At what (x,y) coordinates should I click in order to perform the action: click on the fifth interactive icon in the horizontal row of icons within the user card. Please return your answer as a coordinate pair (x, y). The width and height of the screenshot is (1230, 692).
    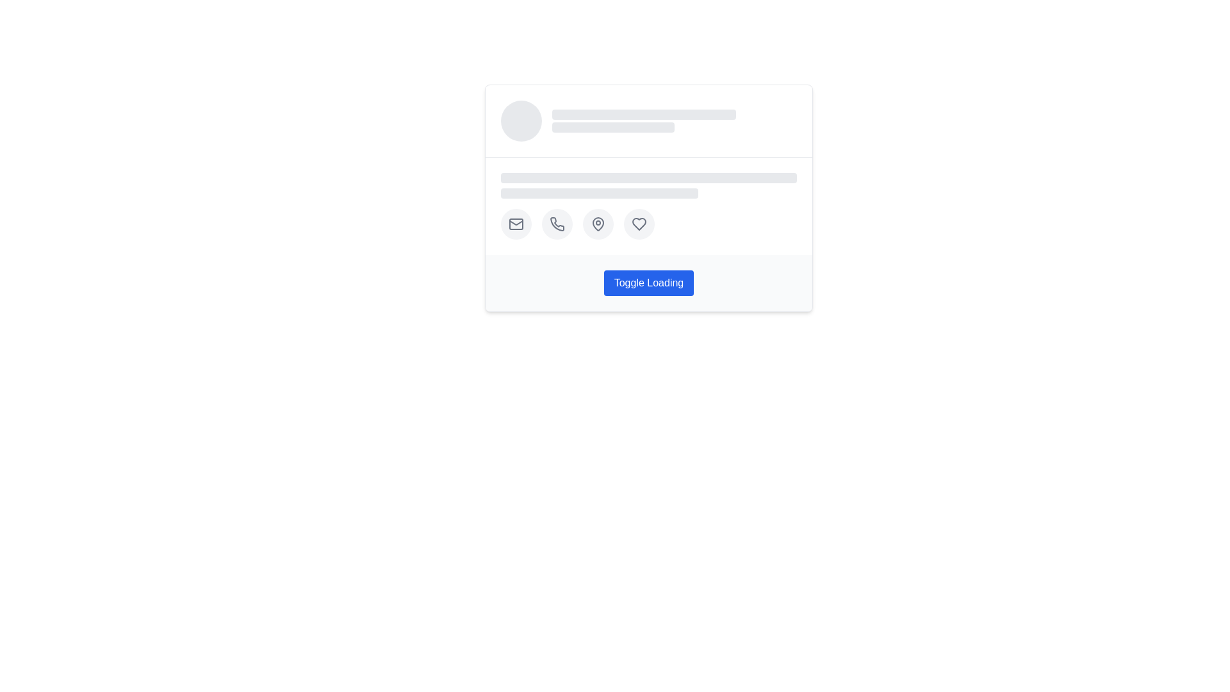
    Looking at the image, I should click on (639, 224).